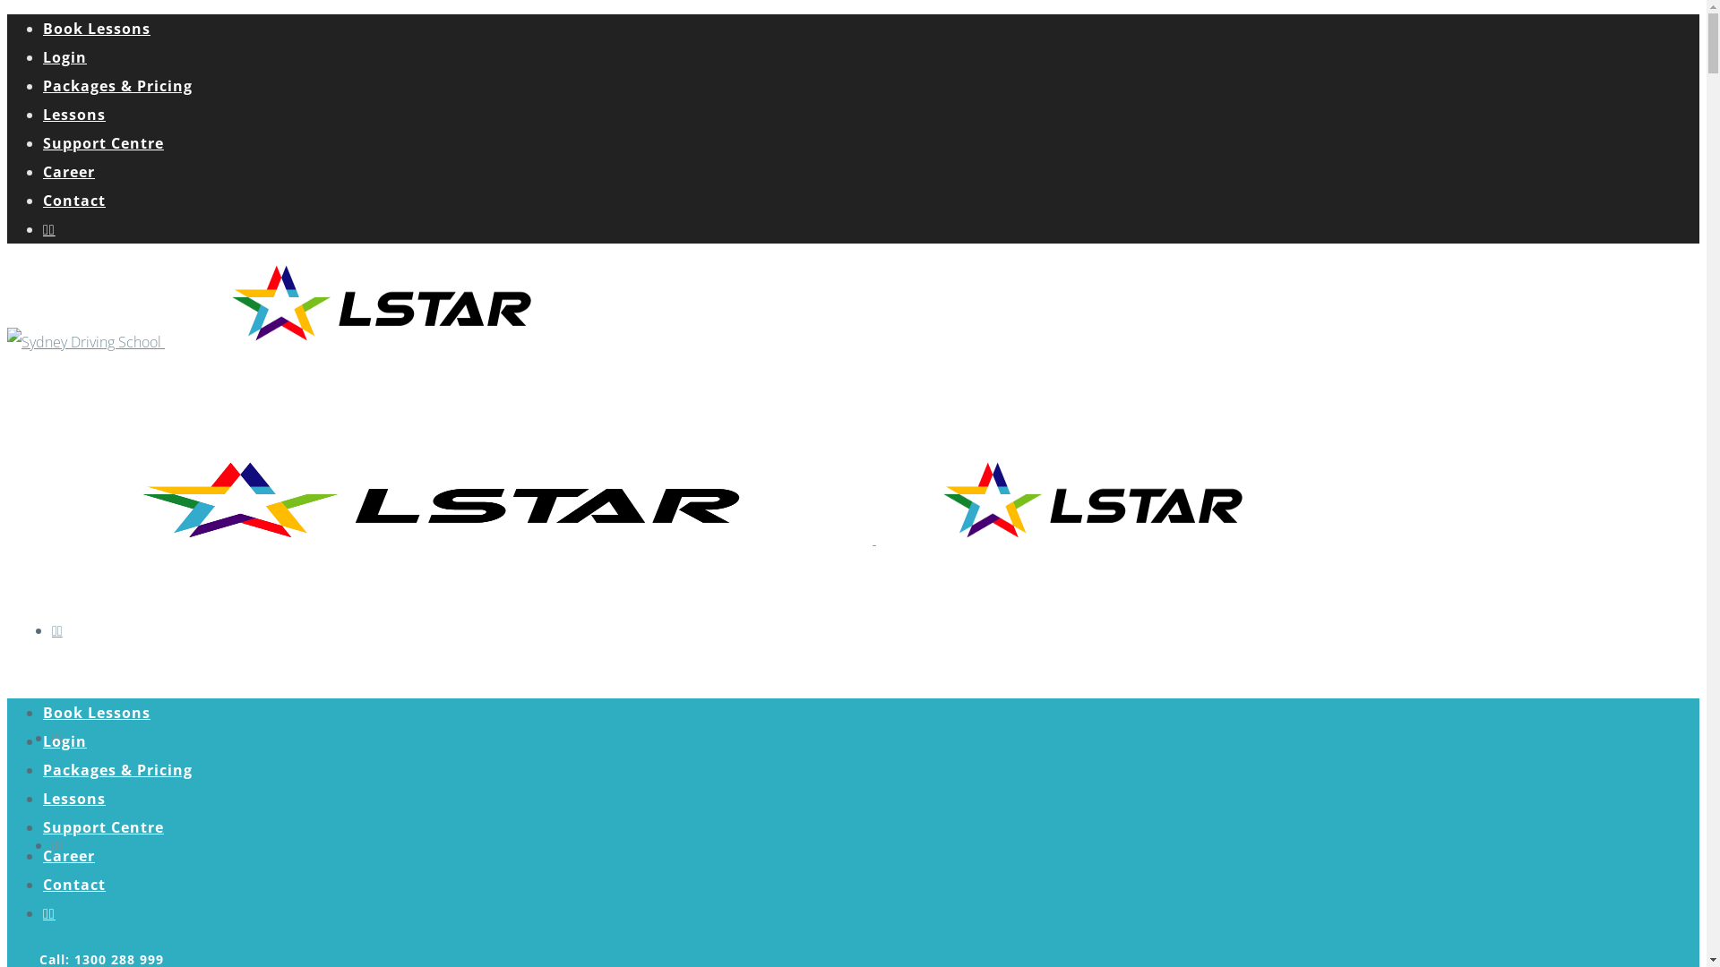 This screenshot has height=967, width=1720. I want to click on 'Packages & Pricing', so click(116, 769).